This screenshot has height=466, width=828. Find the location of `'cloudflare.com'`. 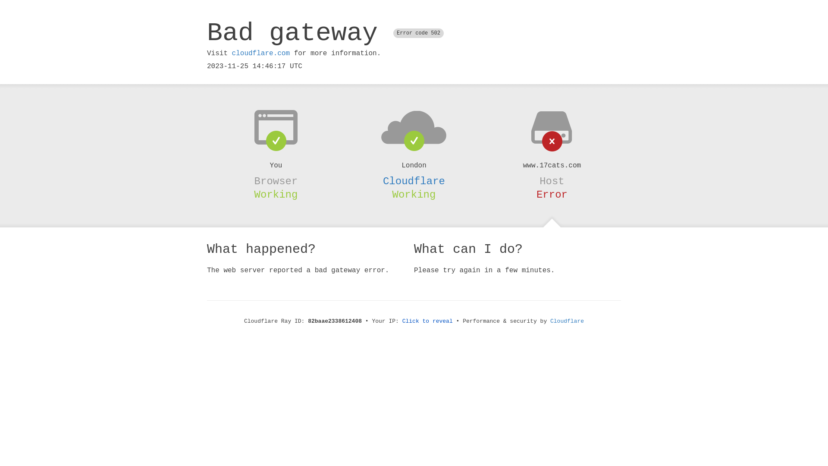

'cloudflare.com' is located at coordinates (260, 53).